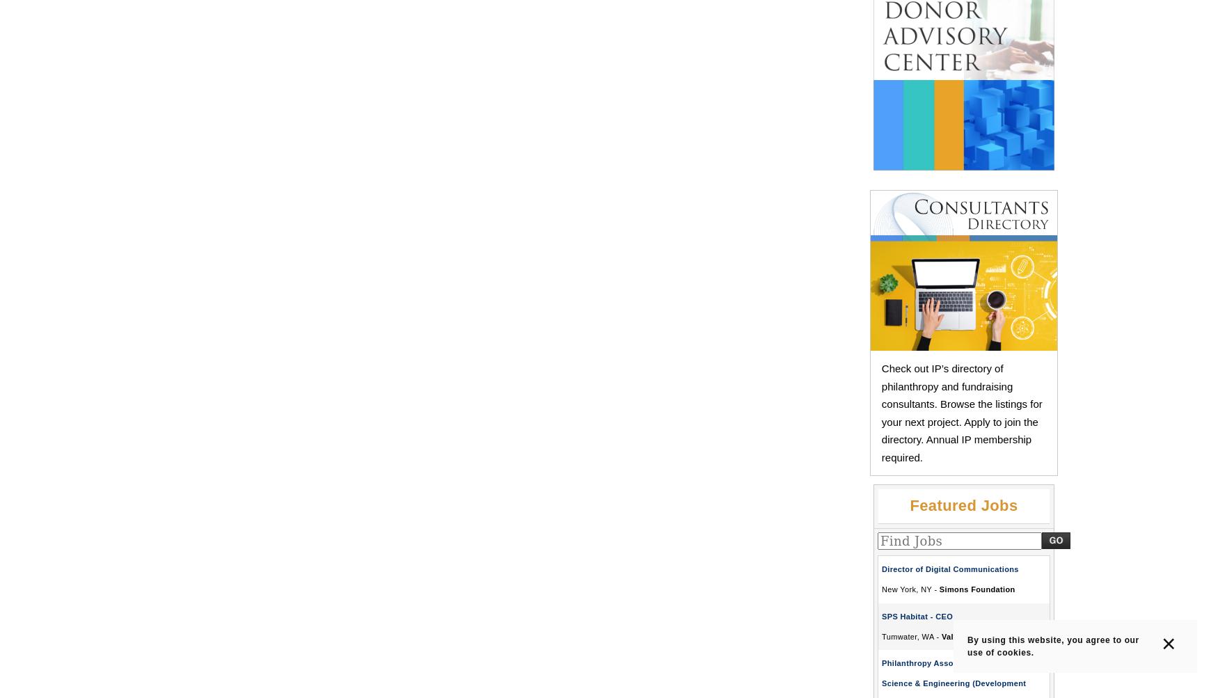 The width and height of the screenshot is (1218, 698). What do you see at coordinates (963, 505) in the screenshot?
I see `'Featured Jobs'` at bounding box center [963, 505].